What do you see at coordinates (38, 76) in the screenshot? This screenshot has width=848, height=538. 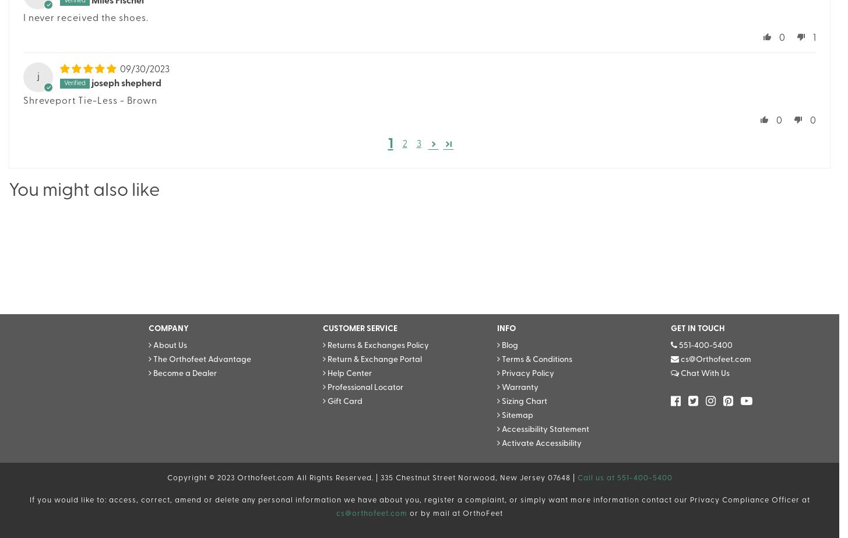 I see `'j'` at bounding box center [38, 76].